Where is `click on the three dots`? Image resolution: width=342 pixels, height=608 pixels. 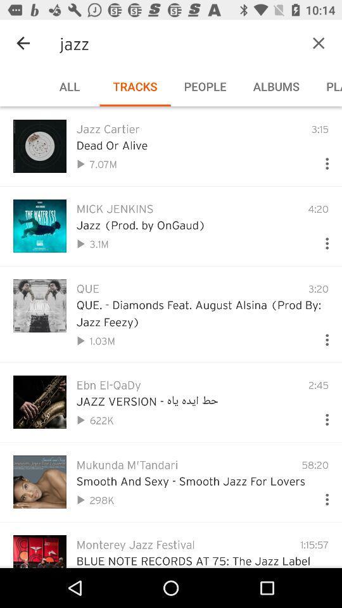 click on the three dots is located at coordinates (322, 160).